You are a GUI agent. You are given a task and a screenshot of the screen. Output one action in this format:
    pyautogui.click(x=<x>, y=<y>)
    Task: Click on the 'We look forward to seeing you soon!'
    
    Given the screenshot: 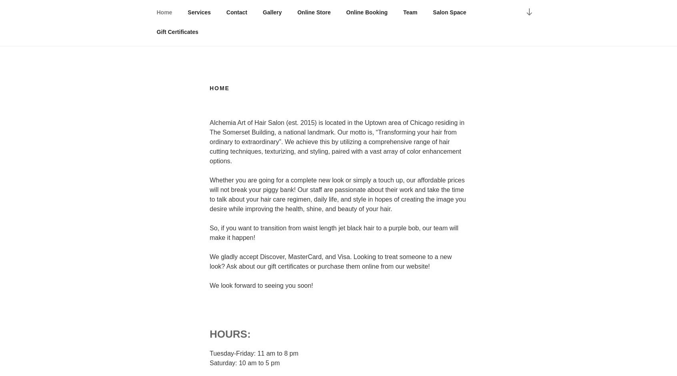 What is the action you would take?
    pyautogui.click(x=261, y=285)
    